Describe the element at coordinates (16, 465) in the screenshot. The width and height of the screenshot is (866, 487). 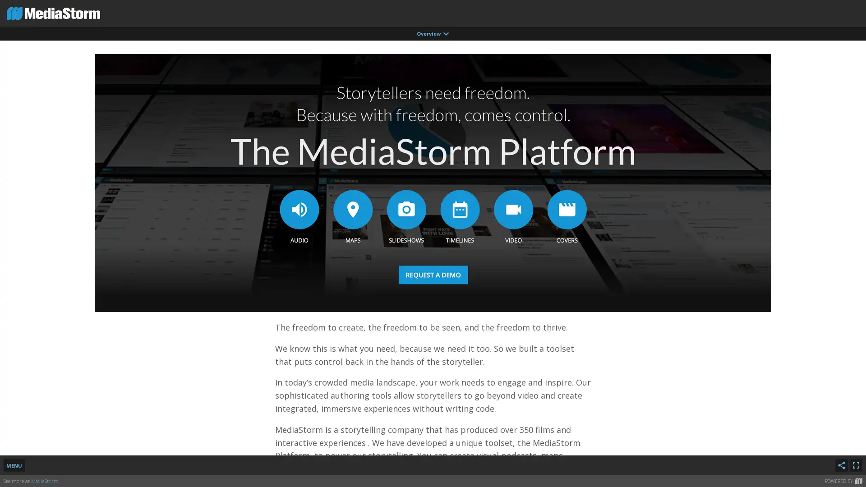
I see `MENU` at that location.